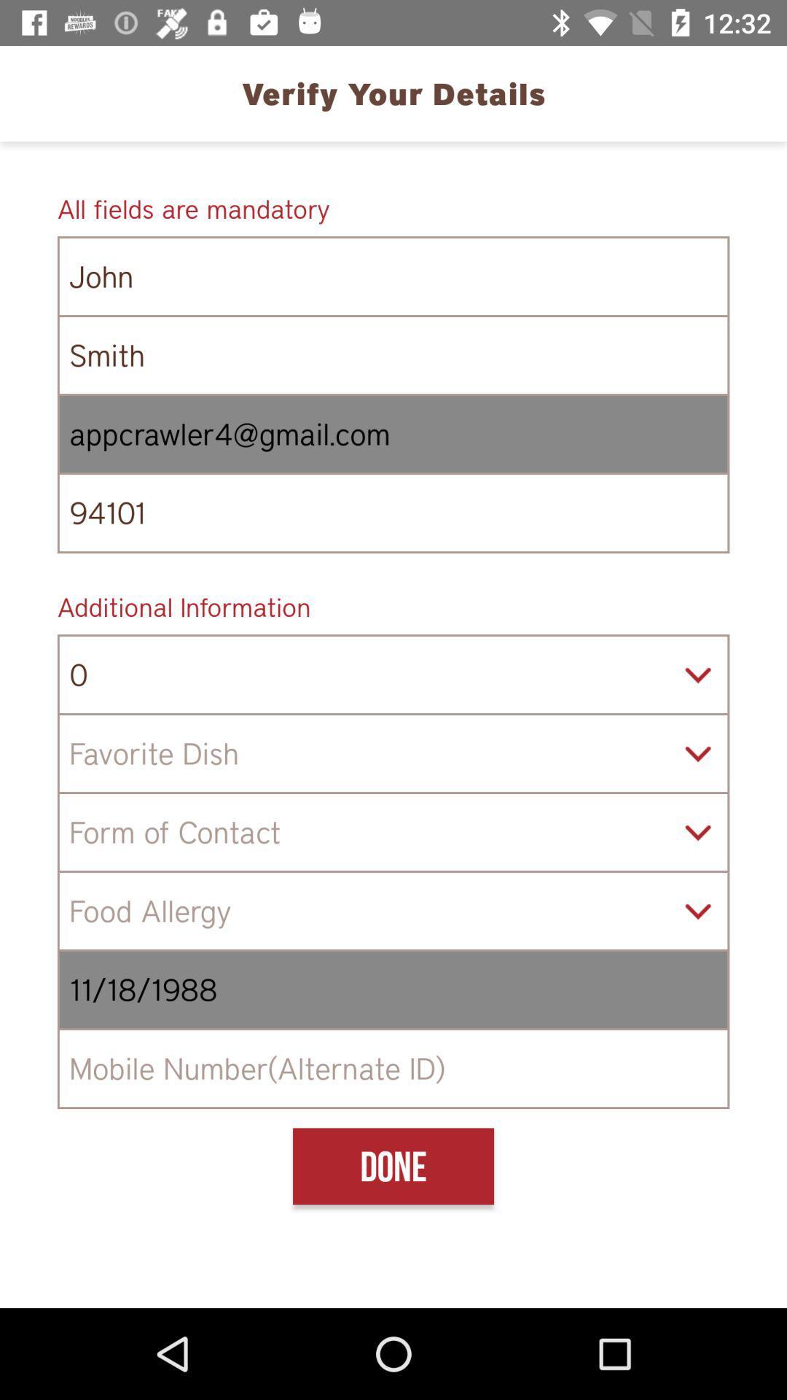 This screenshot has height=1400, width=787. I want to click on 11/18/1988 icon, so click(393, 989).